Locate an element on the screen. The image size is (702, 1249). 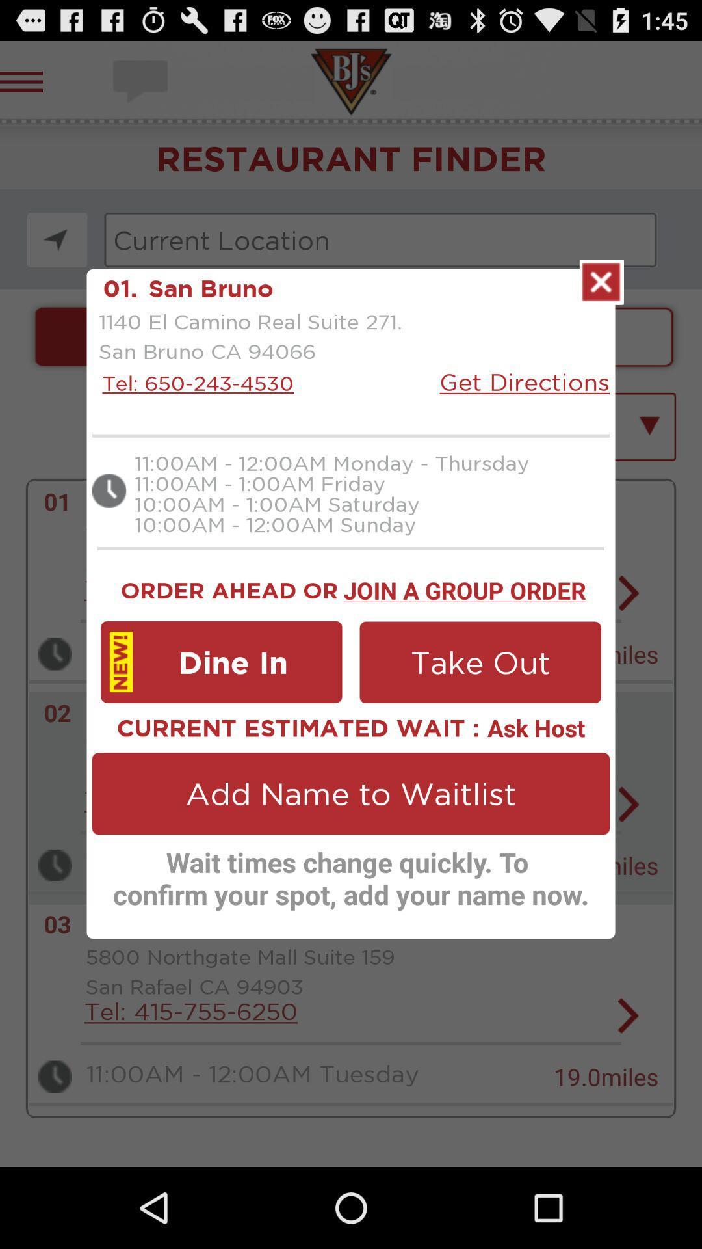
icon to the right of 1140 el camino is located at coordinates (524, 381).